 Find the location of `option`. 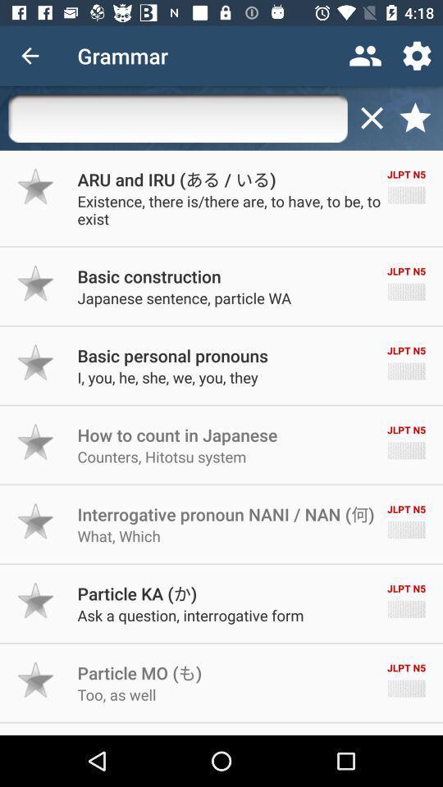

option is located at coordinates (36, 186).